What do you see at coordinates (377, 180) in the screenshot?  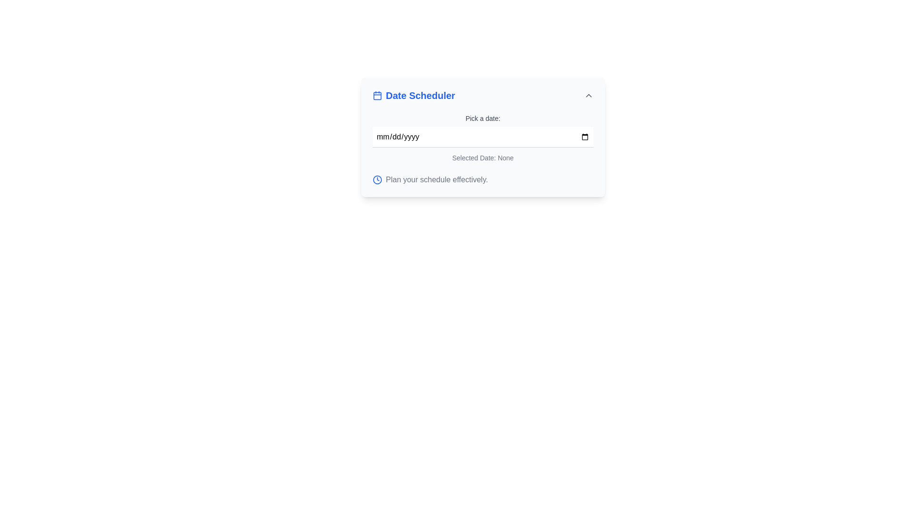 I see `the clock icon located at the bottom left of the 'Date Scheduler' panel, which visually represents time or scheduling` at bounding box center [377, 180].